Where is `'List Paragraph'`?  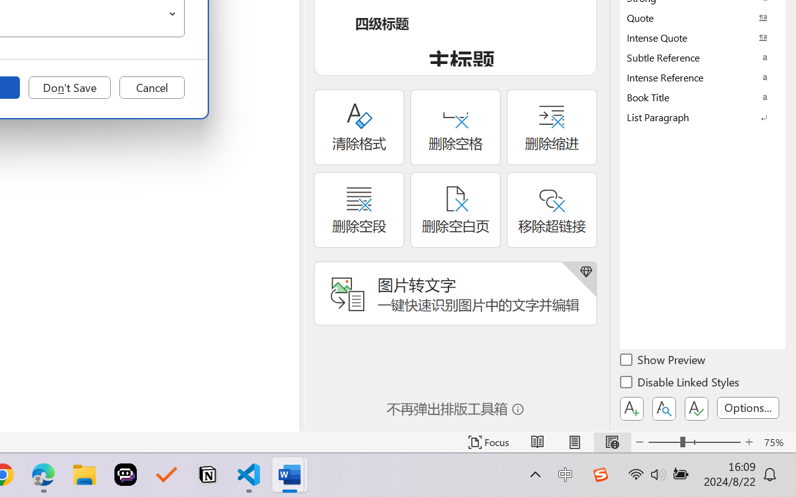
'List Paragraph' is located at coordinates (703, 116).